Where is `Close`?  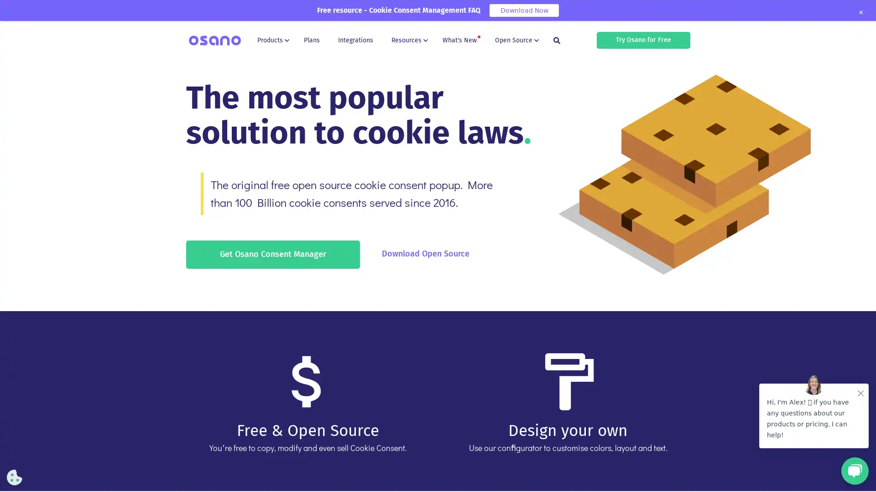 Close is located at coordinates (860, 12).